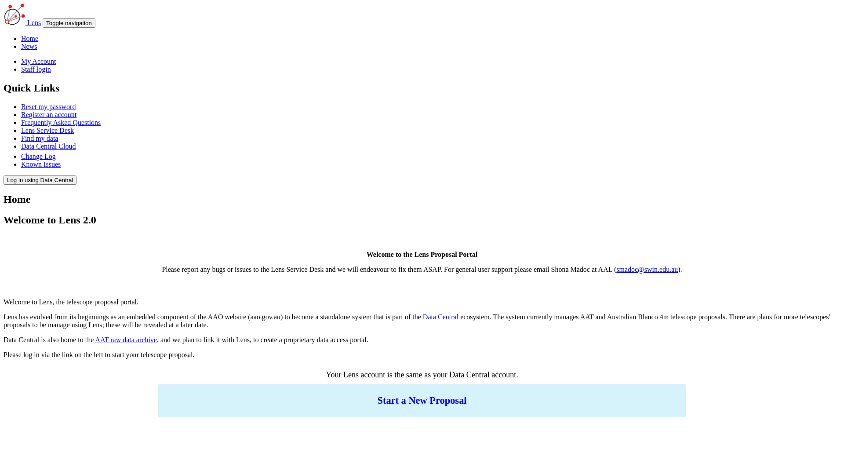  I want to click on 'Register an account', so click(48, 114).